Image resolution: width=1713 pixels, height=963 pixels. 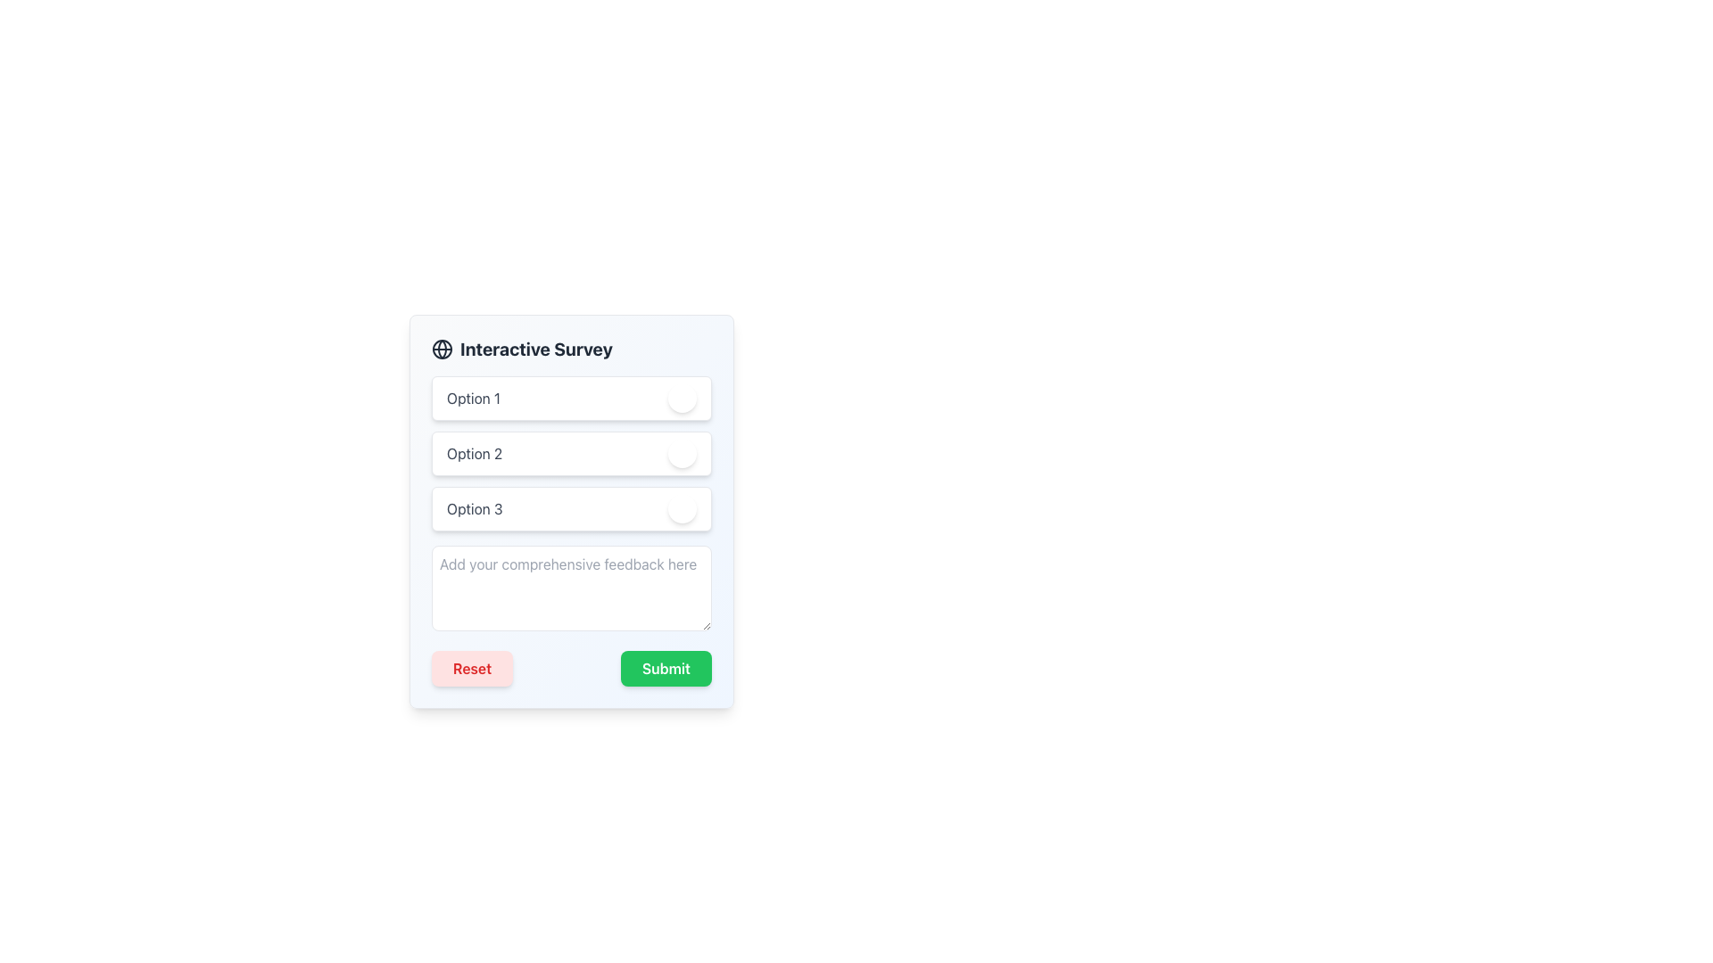 I want to click on the circular button located to the right of the list item labeled 'Option 1', so click(x=681, y=398).